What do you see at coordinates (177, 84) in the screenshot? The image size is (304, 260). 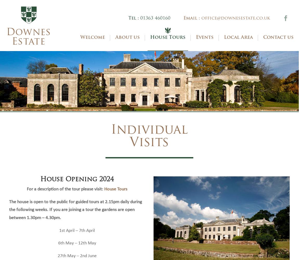 I see `'Group Visits'` at bounding box center [177, 84].